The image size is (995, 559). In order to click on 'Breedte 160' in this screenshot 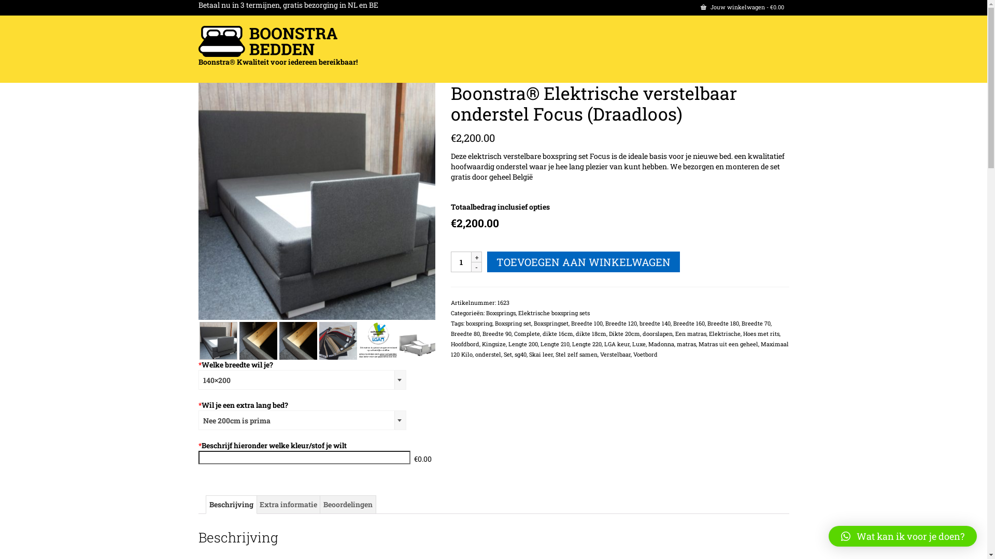, I will do `click(689, 322)`.